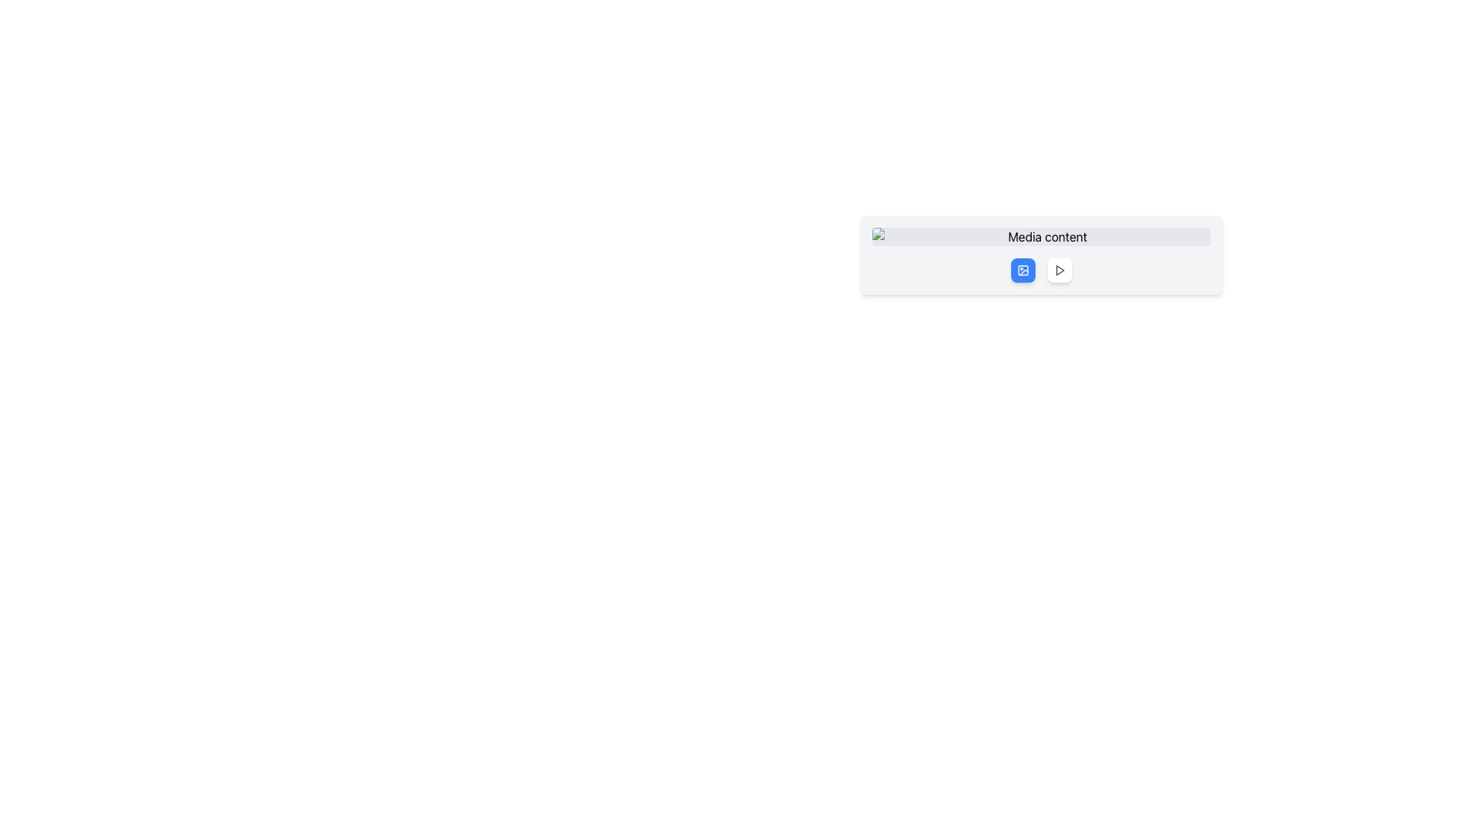  I want to click on the media-related icon within the blue circular button located to the left of the white play button in the 'Media content' section, so click(1023, 269).